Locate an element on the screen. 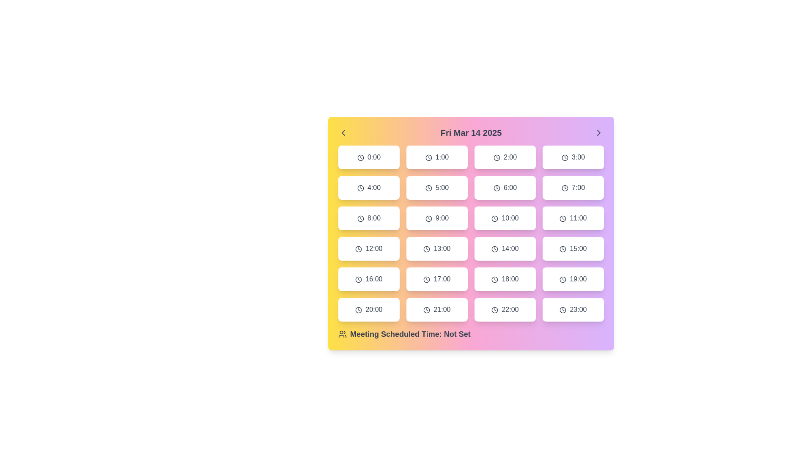 The width and height of the screenshot is (812, 457). the button for the time slot of 19:00 (7:00 PM) positioned in the fifth column of the fourth row in a 6x4 grid layout to trigger visual feedback is located at coordinates (573, 279).